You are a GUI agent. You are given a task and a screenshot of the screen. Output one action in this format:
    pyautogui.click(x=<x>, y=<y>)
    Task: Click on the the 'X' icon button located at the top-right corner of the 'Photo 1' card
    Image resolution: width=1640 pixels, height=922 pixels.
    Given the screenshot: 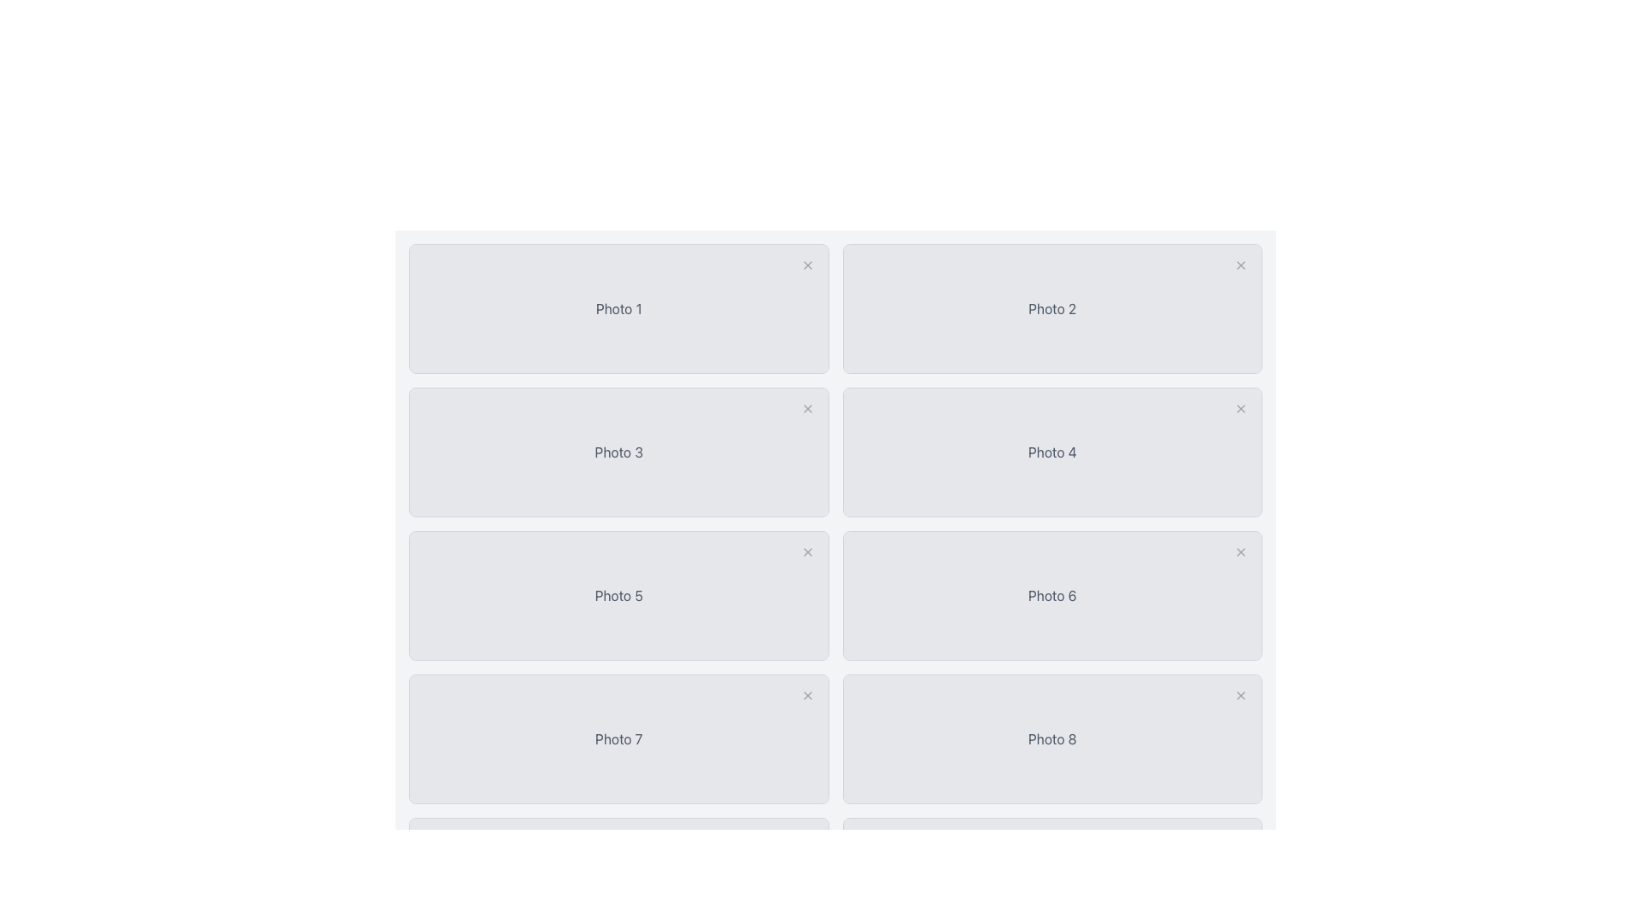 What is the action you would take?
    pyautogui.click(x=806, y=266)
    